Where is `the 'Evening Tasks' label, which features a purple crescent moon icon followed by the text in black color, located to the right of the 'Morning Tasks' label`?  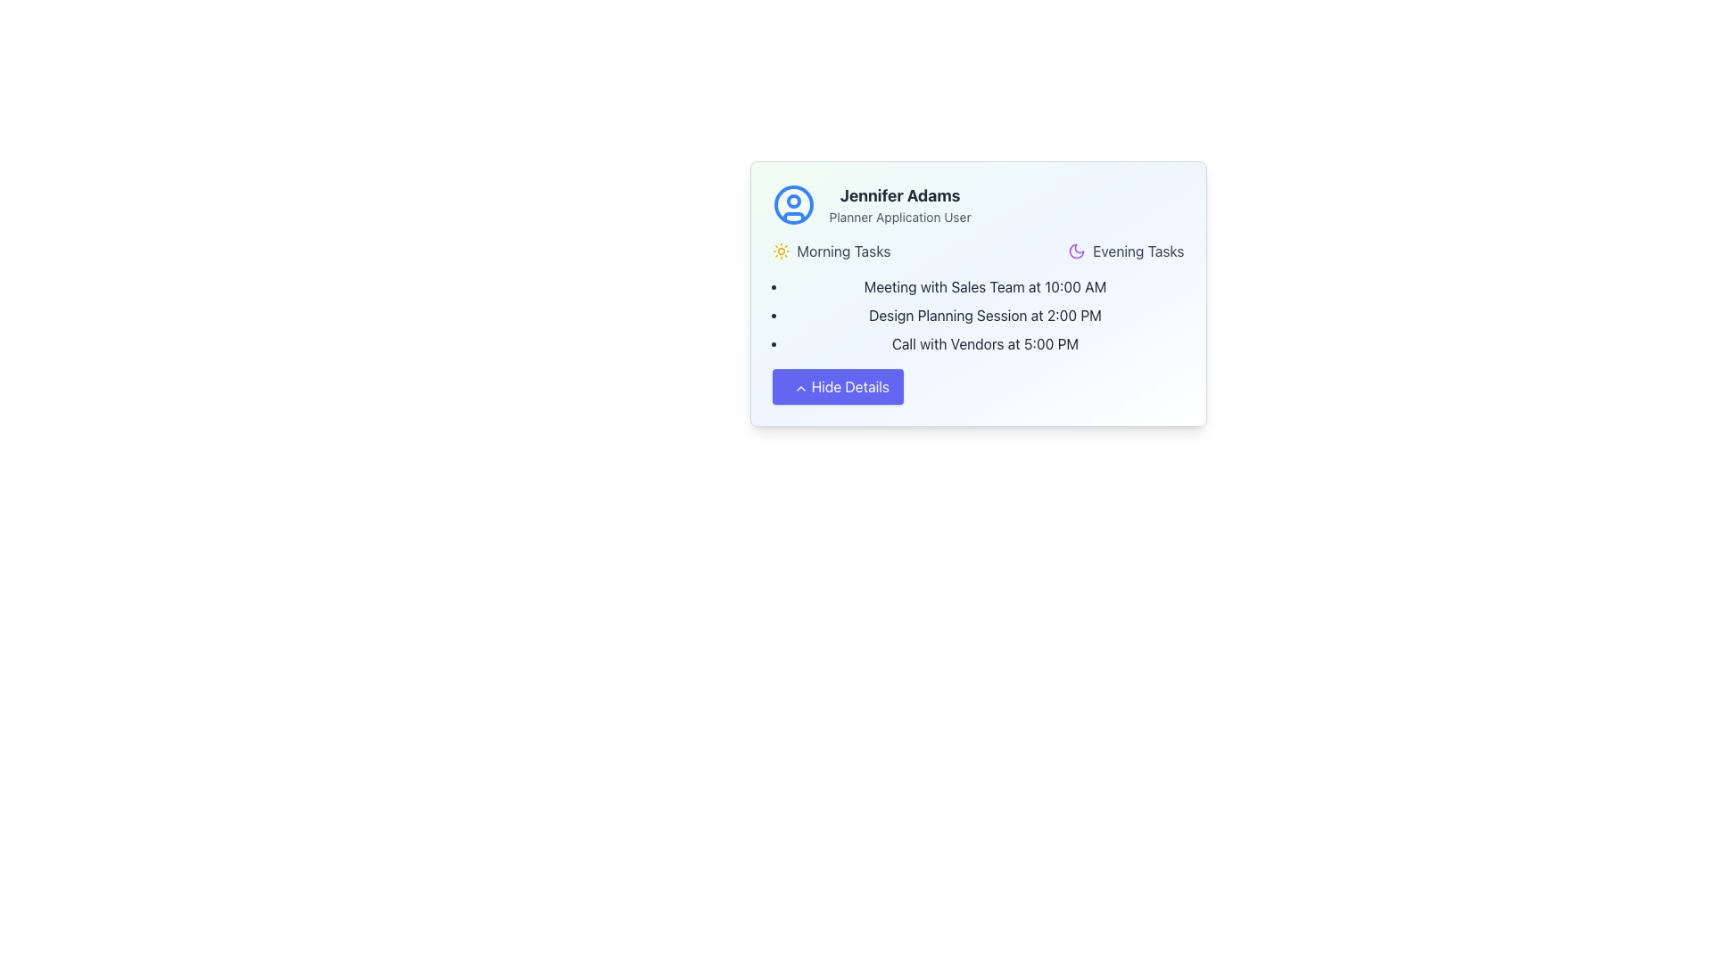
the 'Evening Tasks' label, which features a purple crescent moon icon followed by the text in black color, located to the right of the 'Morning Tasks' label is located at coordinates (1125, 251).